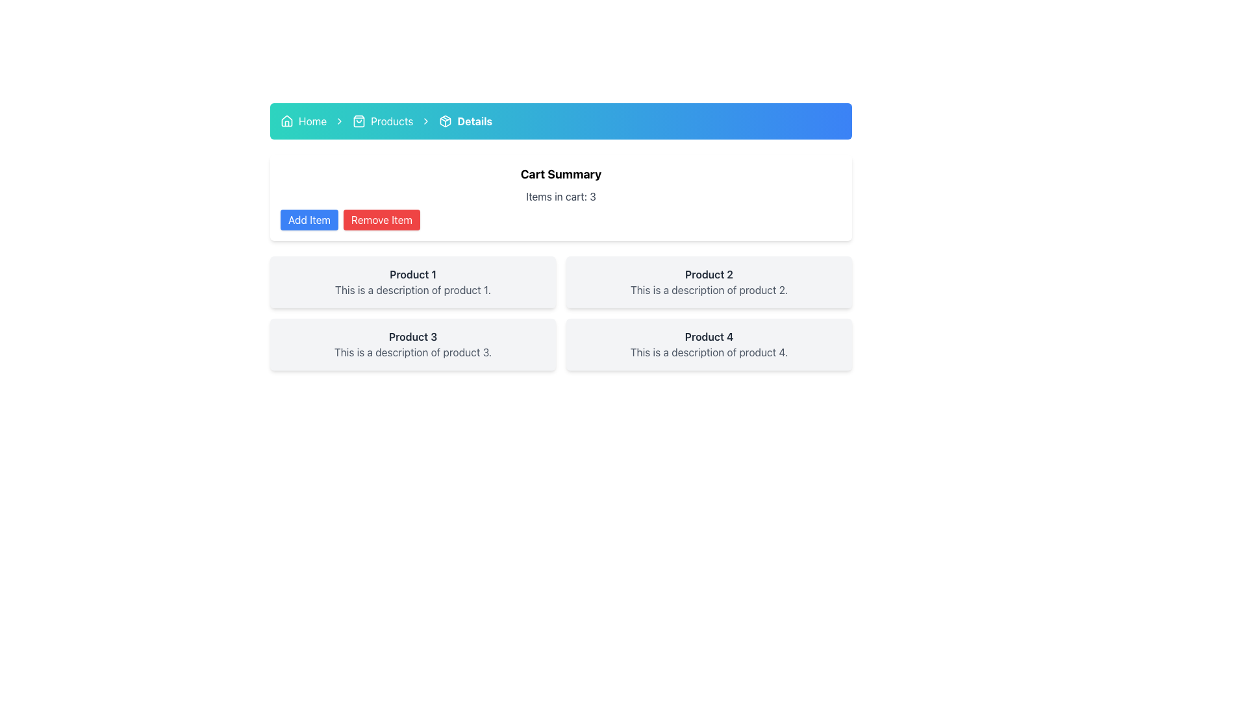 This screenshot has width=1247, height=701. I want to click on the decorative 'Products' icon in the breadcrumb navigation bar, which assists in indicating the user's current location within the website hierarchy, so click(359, 121).